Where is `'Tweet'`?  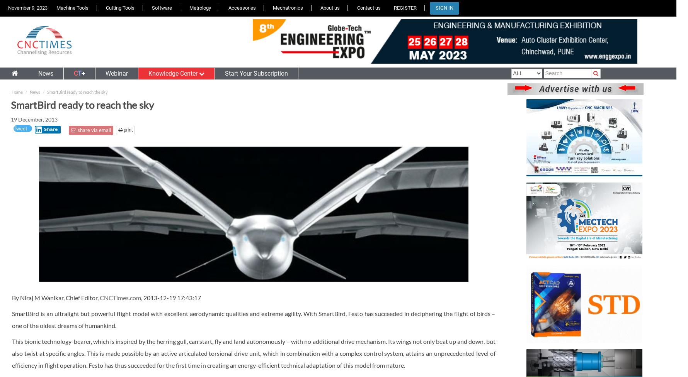
'Tweet' is located at coordinates (20, 128).